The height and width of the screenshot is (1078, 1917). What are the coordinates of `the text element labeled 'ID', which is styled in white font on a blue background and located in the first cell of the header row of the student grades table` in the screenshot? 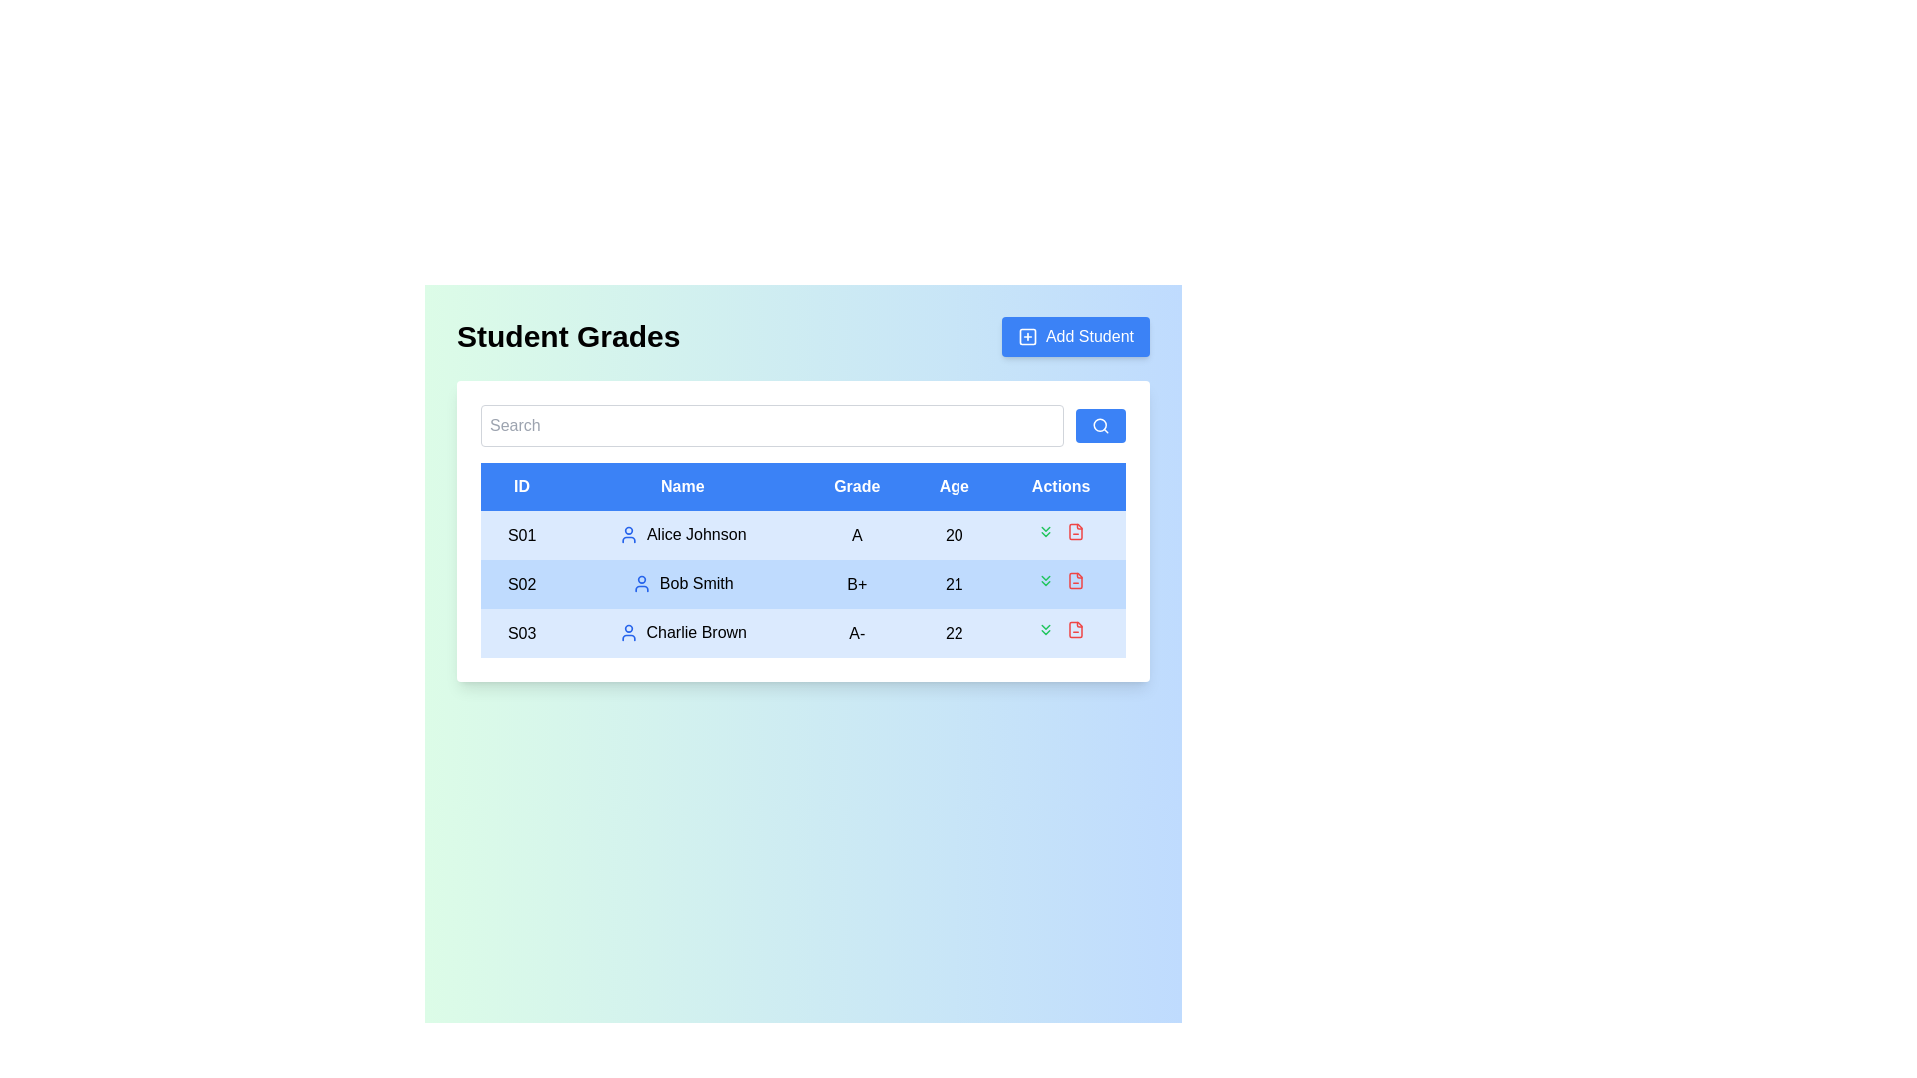 It's located at (522, 487).